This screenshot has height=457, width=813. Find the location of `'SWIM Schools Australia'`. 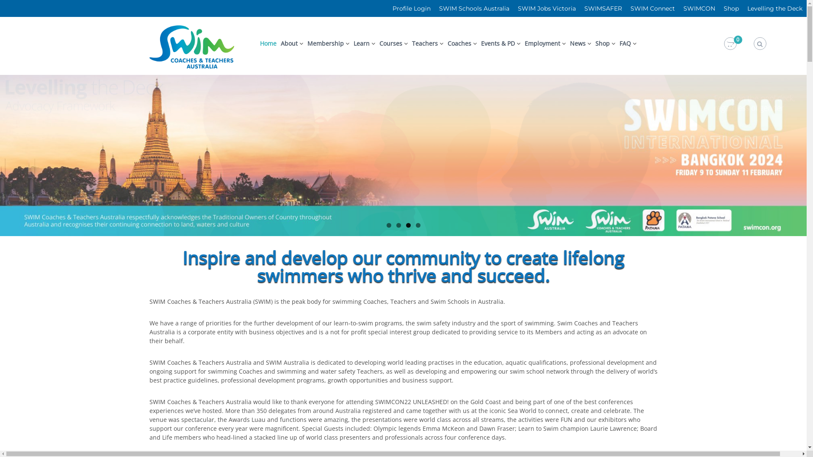

'SWIM Schools Australia' is located at coordinates (435, 8).